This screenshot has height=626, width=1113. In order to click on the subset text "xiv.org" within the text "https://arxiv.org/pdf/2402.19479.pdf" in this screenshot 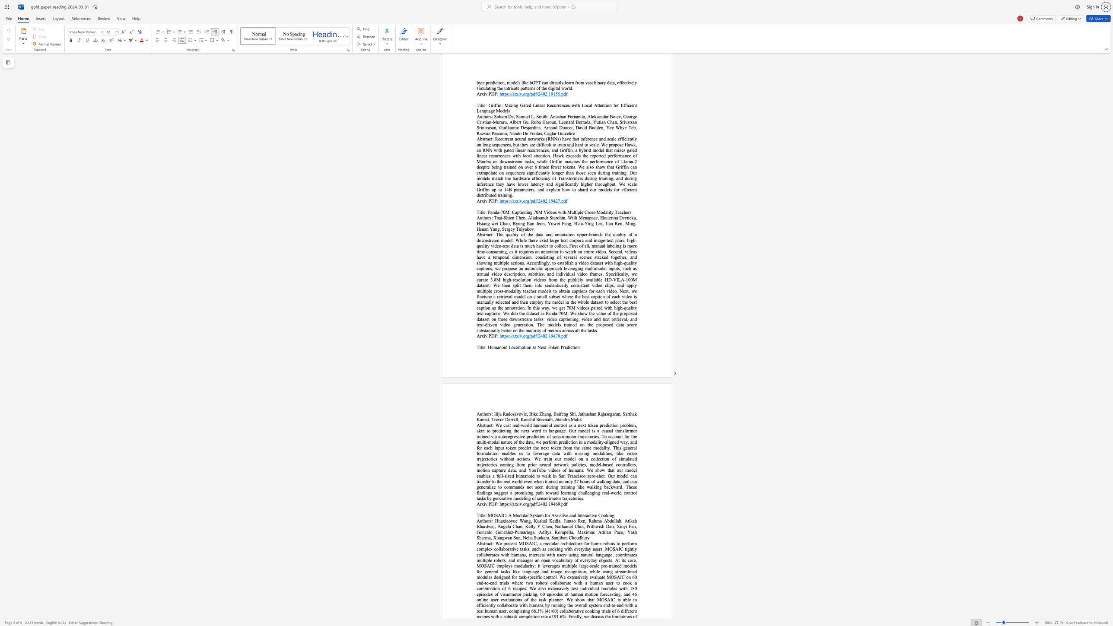, I will do `click(515, 335)`.